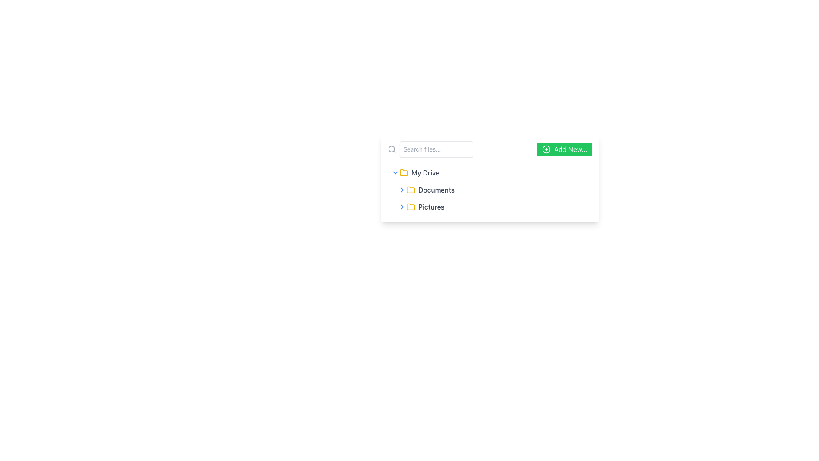 This screenshot has height=461, width=819. Describe the element at coordinates (391, 149) in the screenshot. I see `the circular lens component of the magnifying glass icon adjacent to the search input field` at that location.